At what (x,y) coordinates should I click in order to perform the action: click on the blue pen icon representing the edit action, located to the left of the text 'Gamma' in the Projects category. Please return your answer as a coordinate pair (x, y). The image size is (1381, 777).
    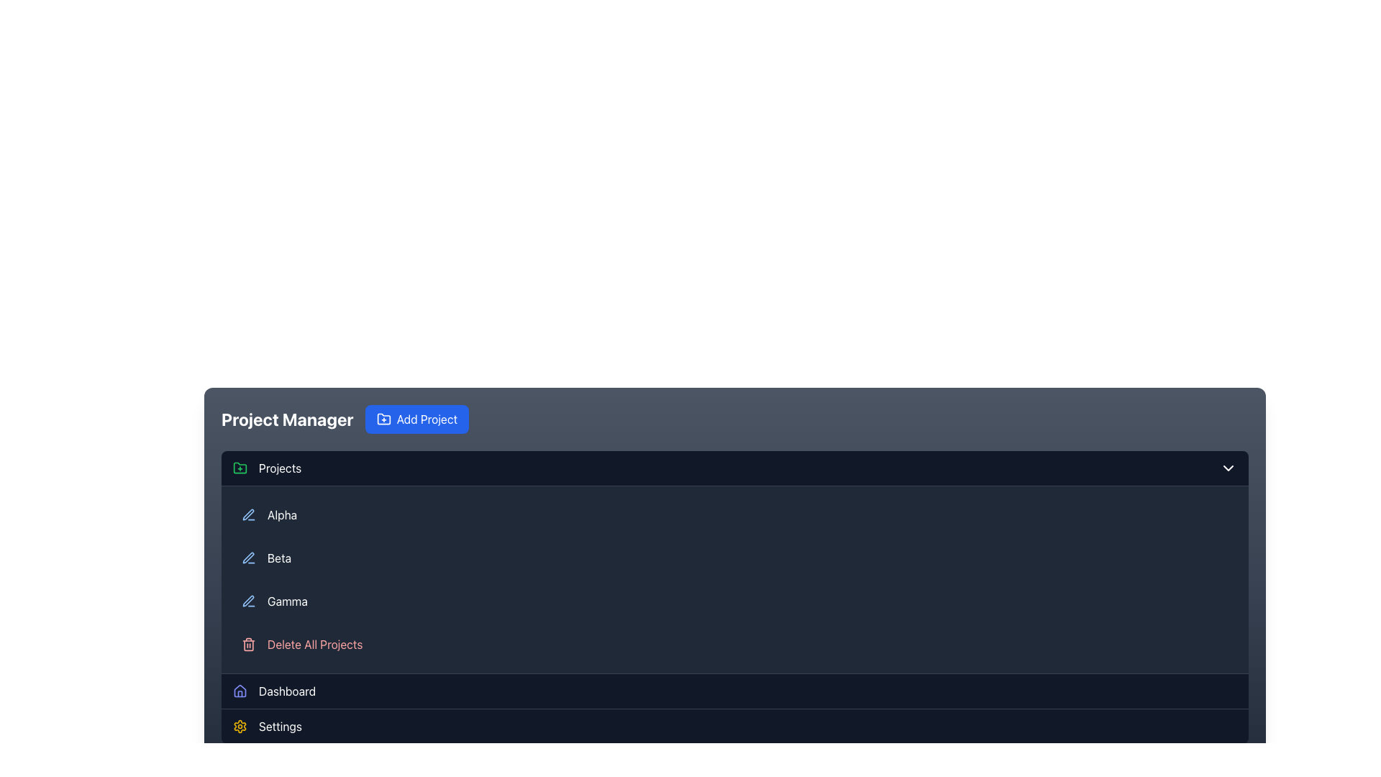
    Looking at the image, I should click on (248, 601).